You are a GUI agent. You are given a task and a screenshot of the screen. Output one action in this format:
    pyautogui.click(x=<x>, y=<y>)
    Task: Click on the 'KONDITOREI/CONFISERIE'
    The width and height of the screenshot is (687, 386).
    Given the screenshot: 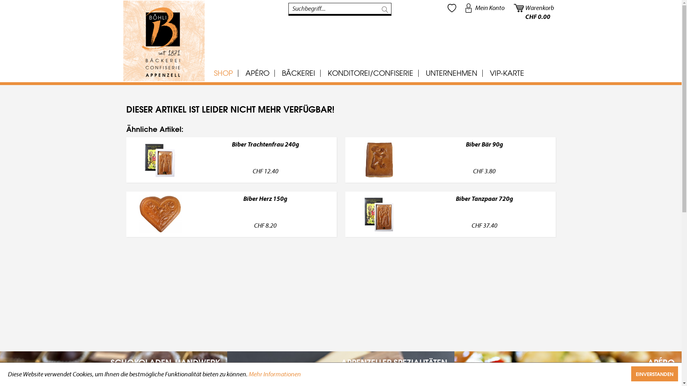 What is the action you would take?
    pyautogui.click(x=370, y=73)
    